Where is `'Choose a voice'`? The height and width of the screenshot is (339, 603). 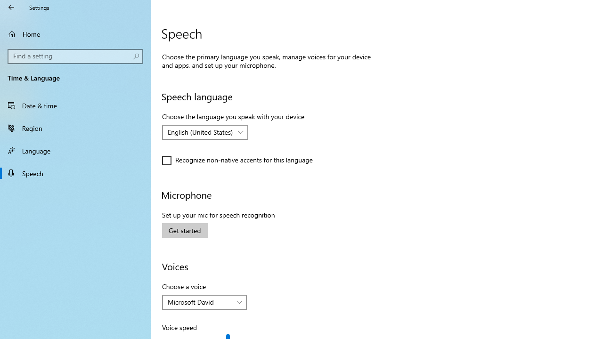
'Choose a voice' is located at coordinates (204, 302).